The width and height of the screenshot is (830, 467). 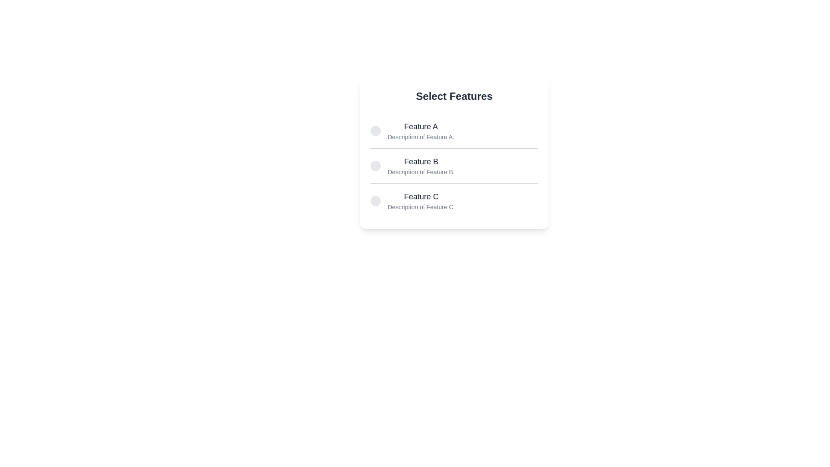 I want to click on the third list item that allows the user to select 'Feature C', so click(x=412, y=201).